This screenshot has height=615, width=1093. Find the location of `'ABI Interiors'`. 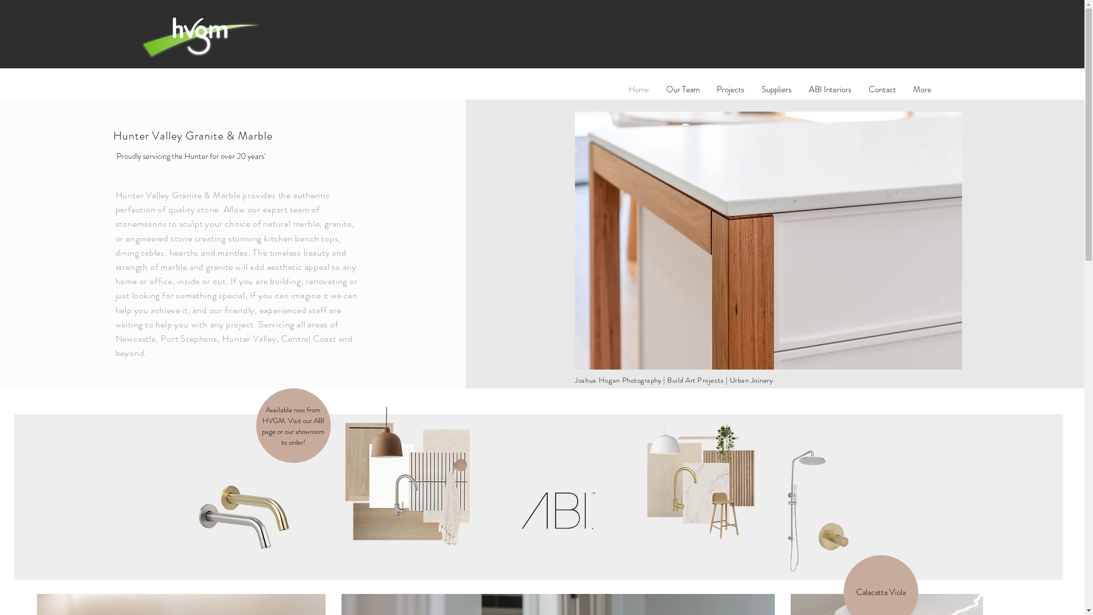

'ABI Interiors' is located at coordinates (830, 89).